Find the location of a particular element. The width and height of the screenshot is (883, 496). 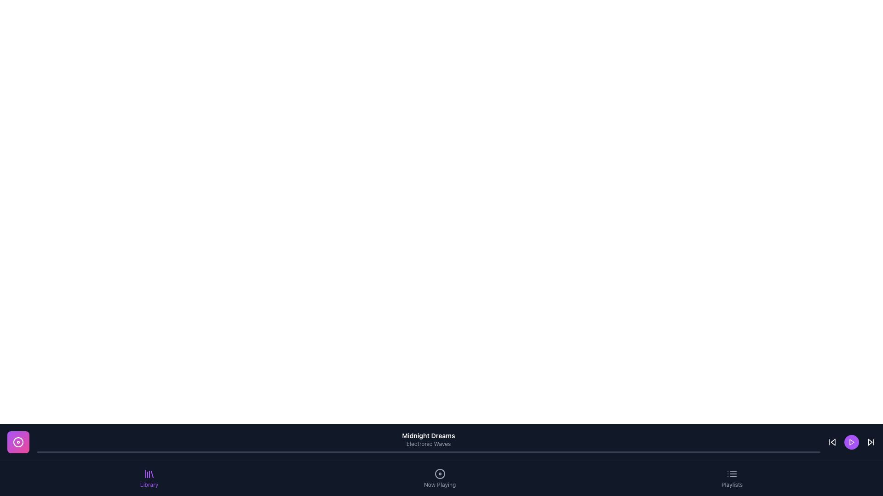

the small circular SVG icon with two concentric circles, located in the bottom-left corner of the interface, which has a gradient purple to pink background is located at coordinates (18, 442).